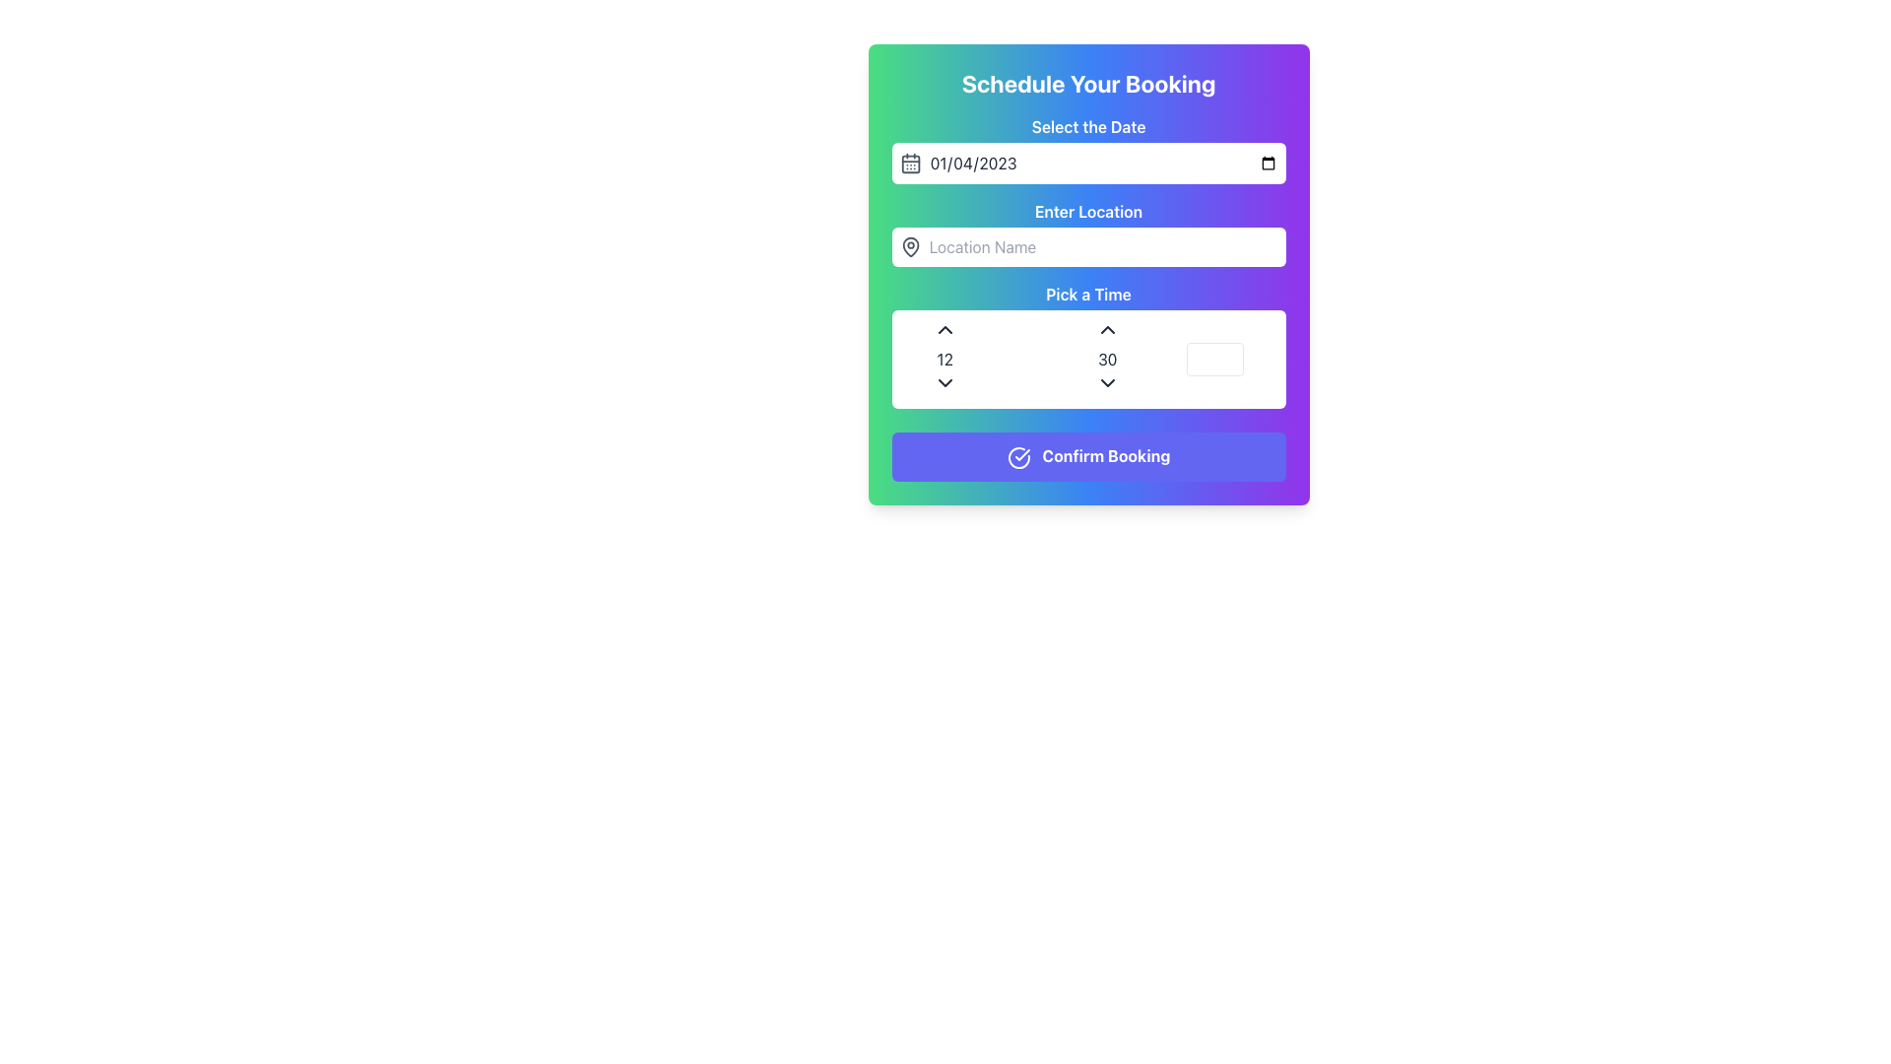  What do you see at coordinates (1087, 456) in the screenshot?
I see `the 'Confirm Booking' button located at the bottom section of the 'Schedule Your Booking' form to confirm the booking` at bounding box center [1087, 456].